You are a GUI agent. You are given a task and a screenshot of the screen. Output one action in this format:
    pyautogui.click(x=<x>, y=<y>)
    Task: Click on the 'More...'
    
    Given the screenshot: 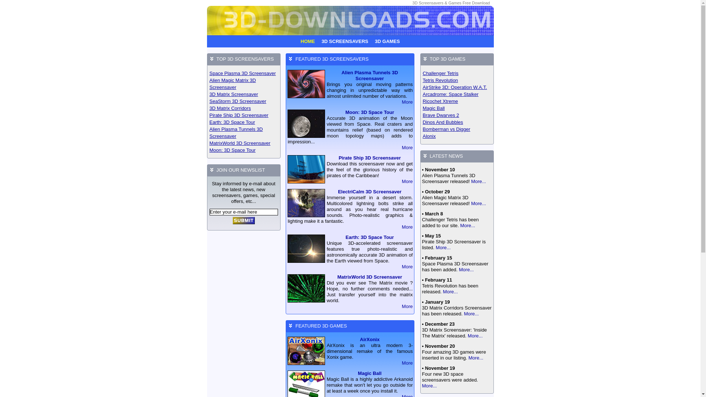 What is the action you would take?
    pyautogui.click(x=478, y=181)
    